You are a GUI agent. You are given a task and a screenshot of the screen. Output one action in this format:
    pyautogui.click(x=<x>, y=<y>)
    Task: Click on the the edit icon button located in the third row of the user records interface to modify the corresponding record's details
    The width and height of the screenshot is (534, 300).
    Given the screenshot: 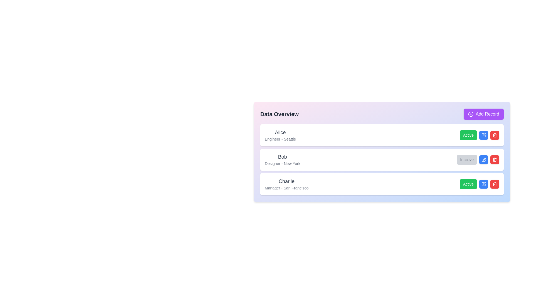 What is the action you would take?
    pyautogui.click(x=484, y=183)
    